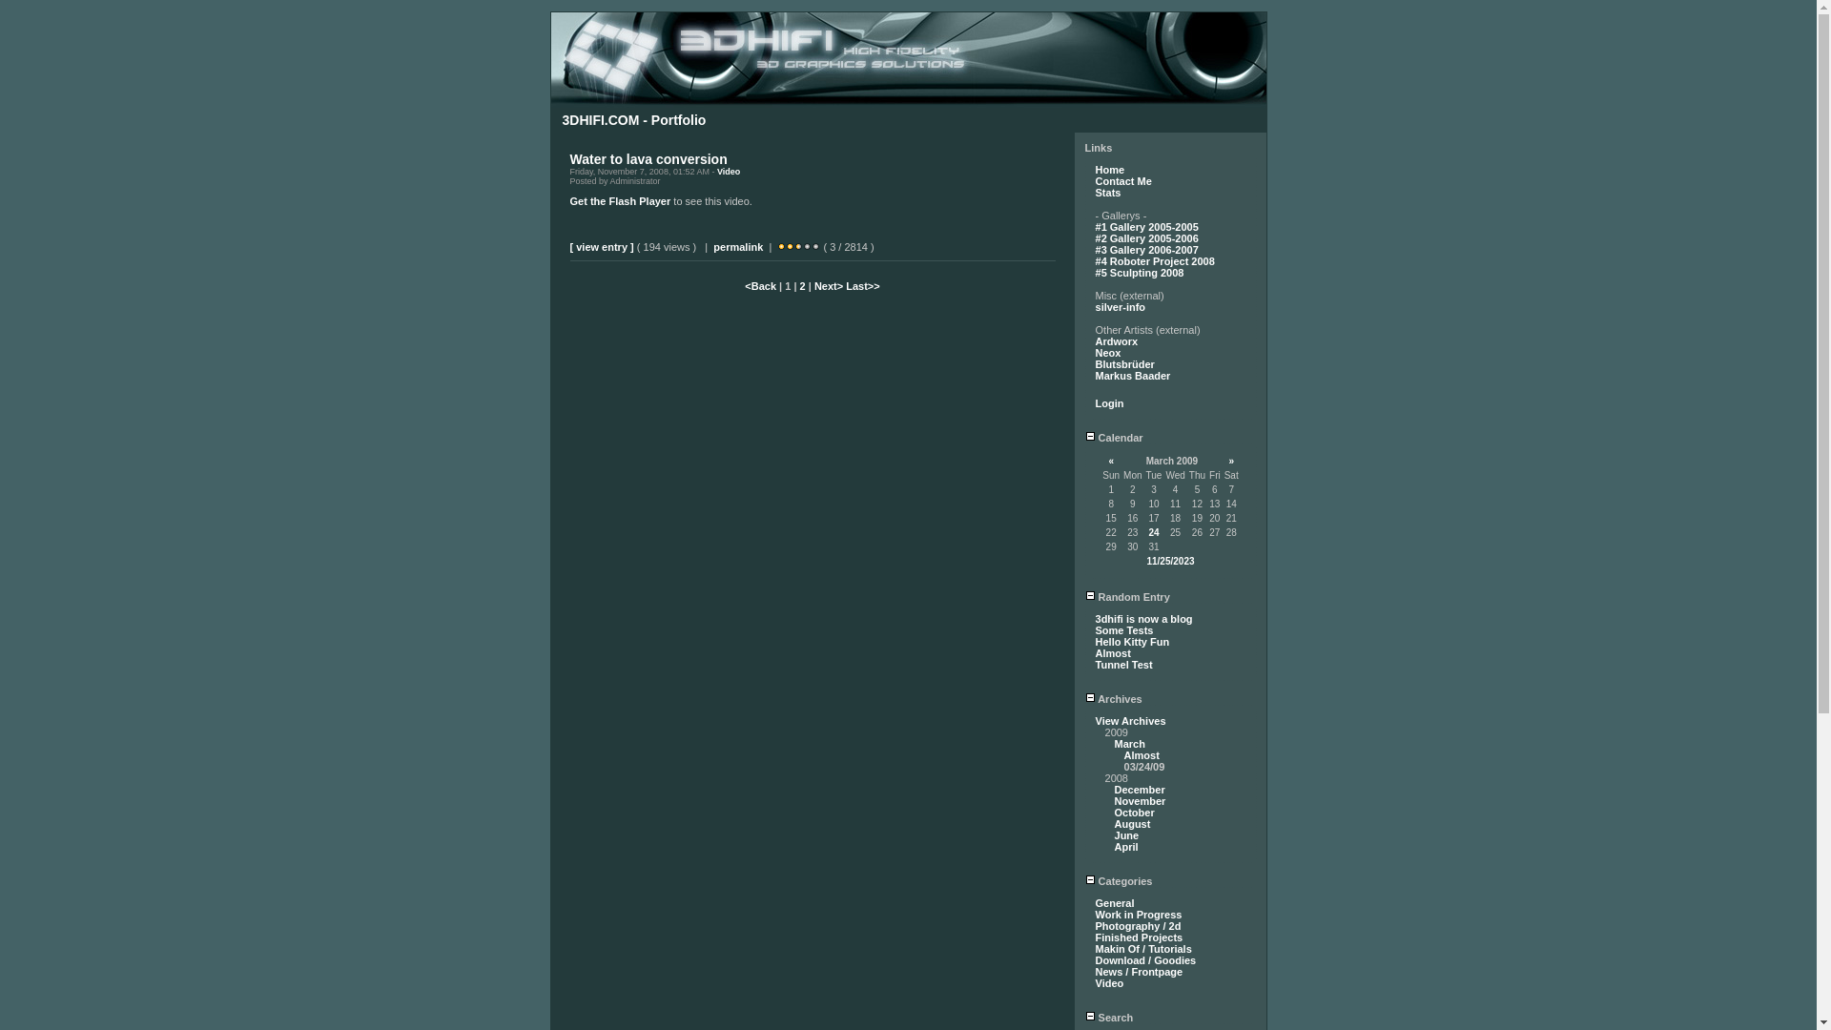 The height and width of the screenshot is (1030, 1831). What do you see at coordinates (1127, 595) in the screenshot?
I see `'Random Entry'` at bounding box center [1127, 595].